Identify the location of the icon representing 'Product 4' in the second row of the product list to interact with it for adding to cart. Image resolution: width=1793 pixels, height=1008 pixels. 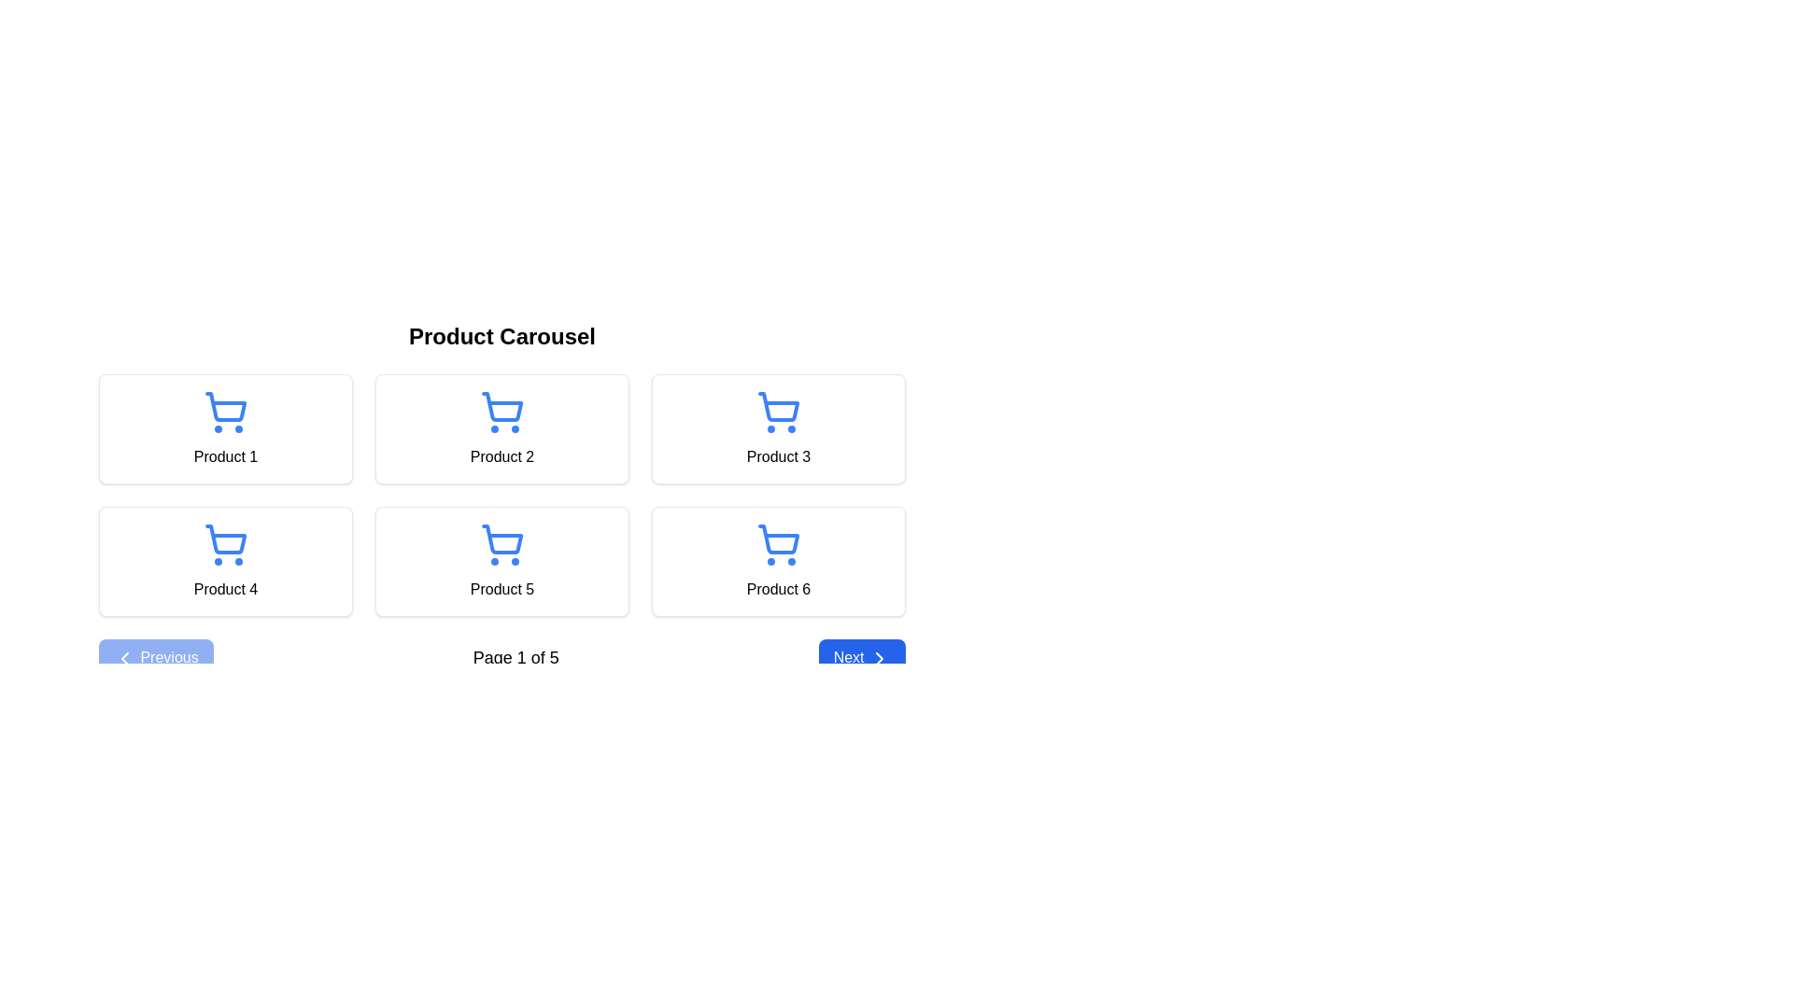
(224, 544).